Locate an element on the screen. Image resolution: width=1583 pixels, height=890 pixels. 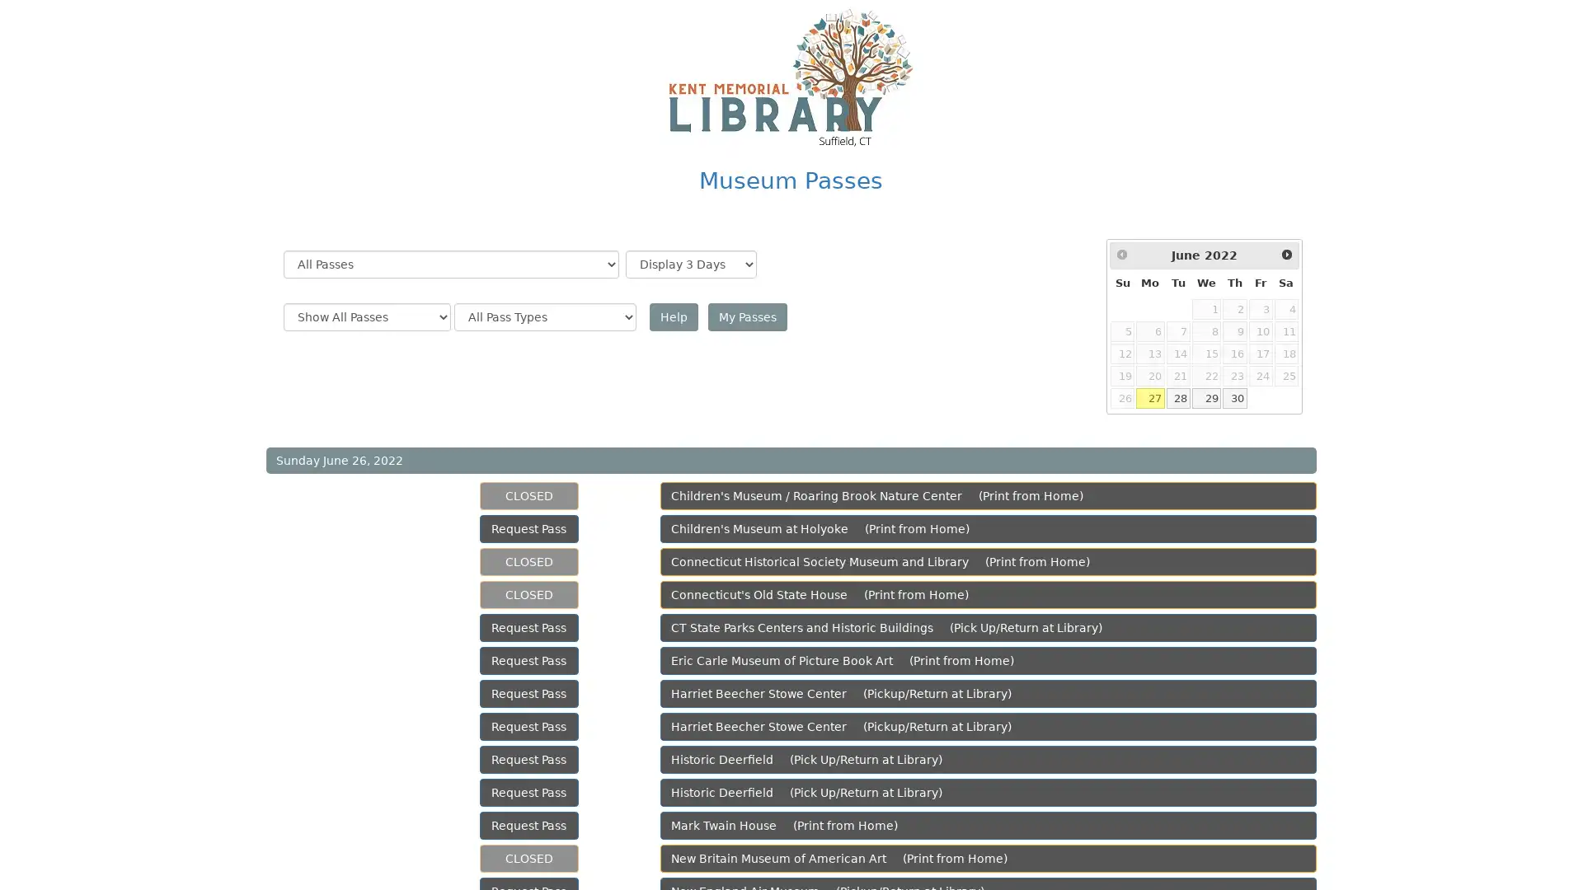
My Passes is located at coordinates (746, 317).